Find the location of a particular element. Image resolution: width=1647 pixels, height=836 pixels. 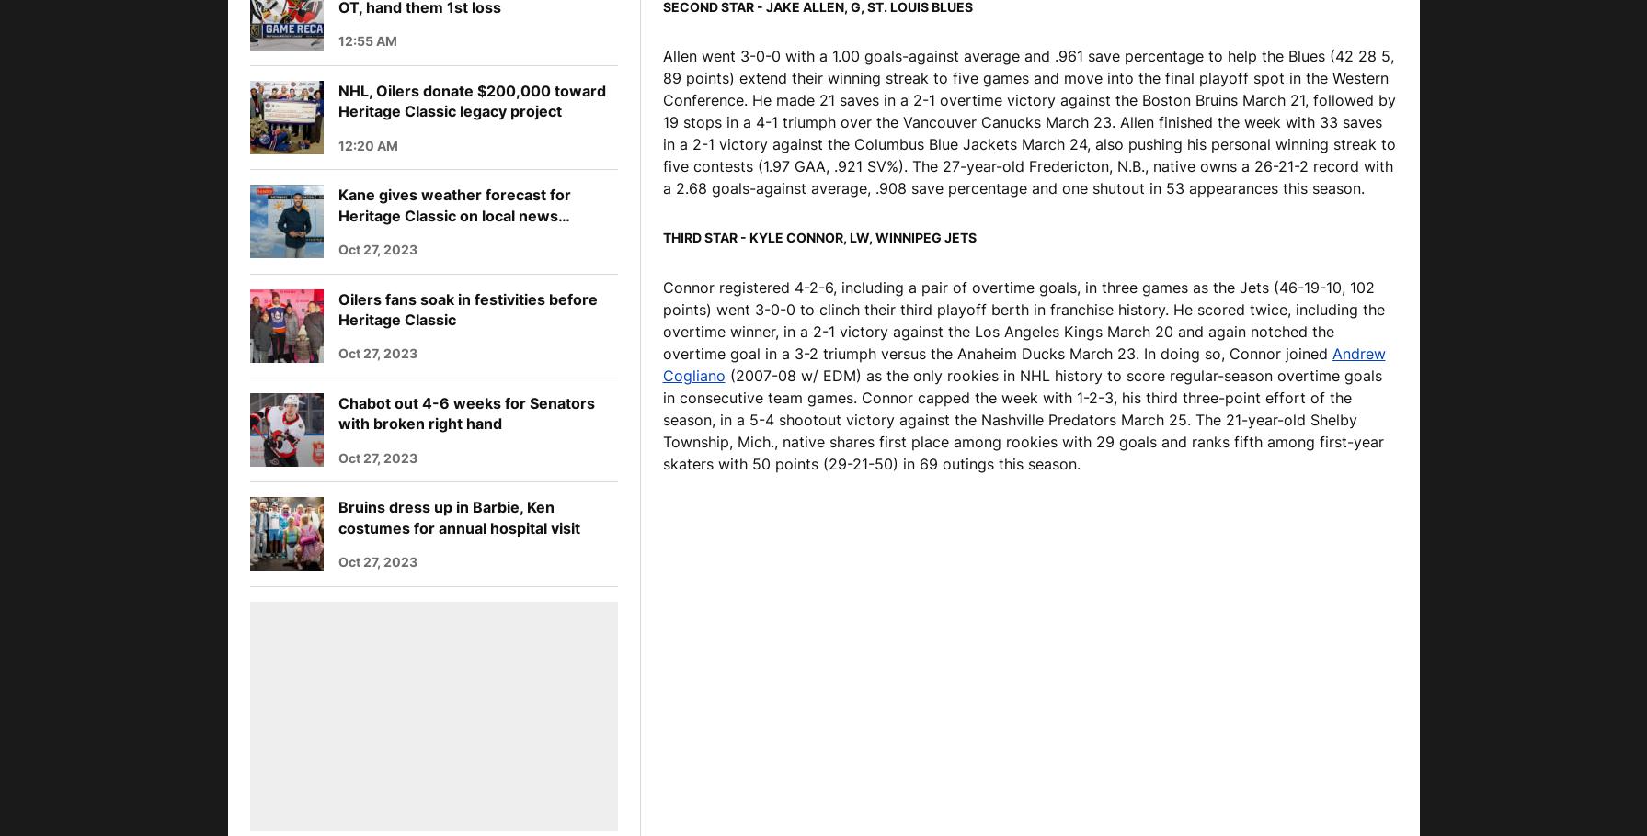

'Andrew Cogliano' is located at coordinates (1022, 363).